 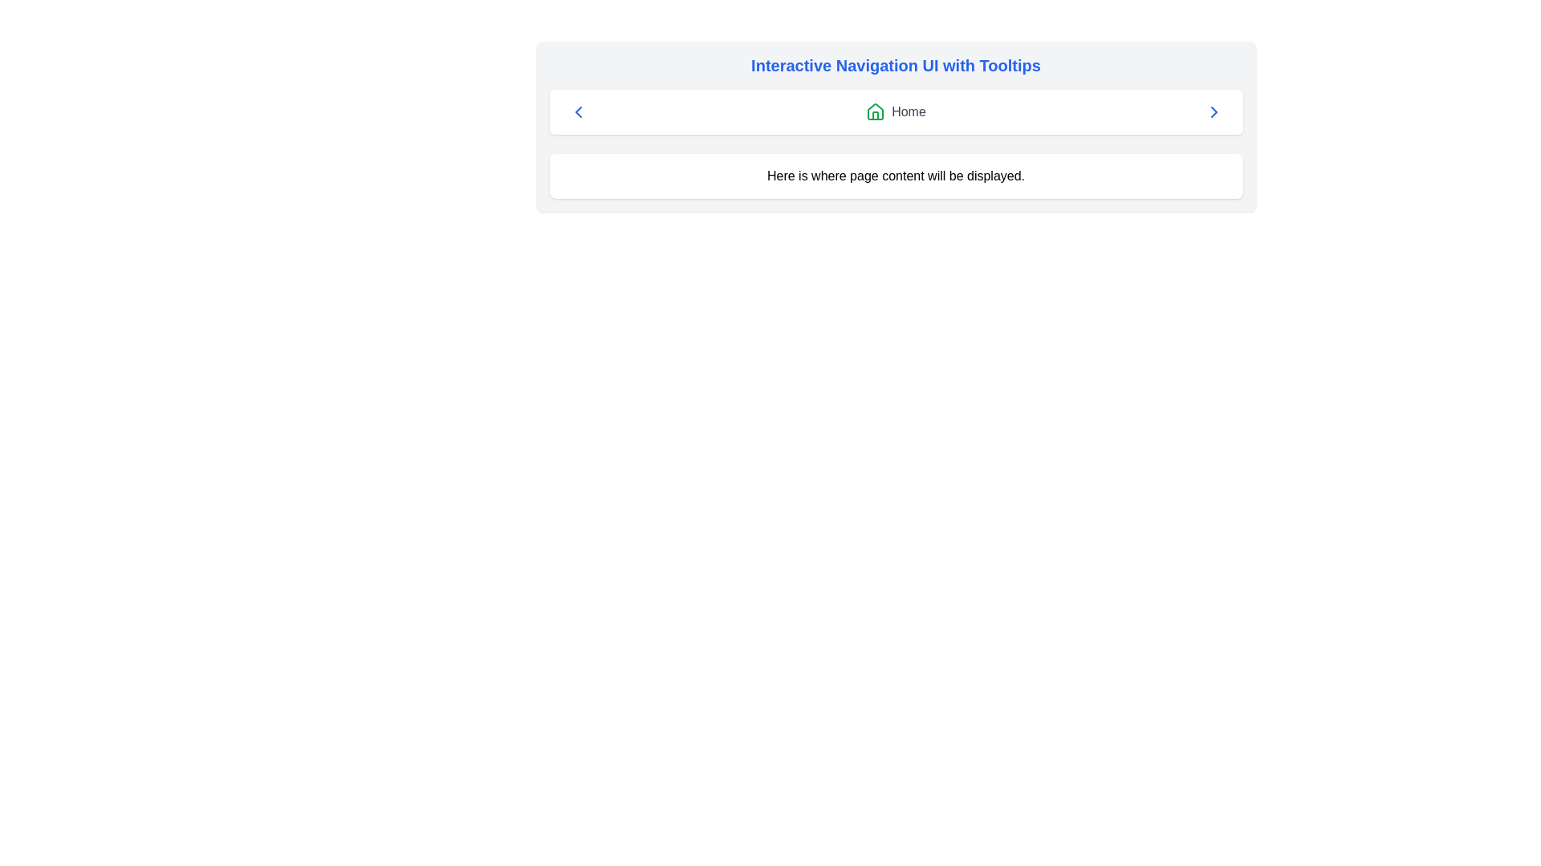 What do you see at coordinates (895, 111) in the screenshot?
I see `the 'Home' navigation item, which features a green house icon and the text 'Home' in gray` at bounding box center [895, 111].